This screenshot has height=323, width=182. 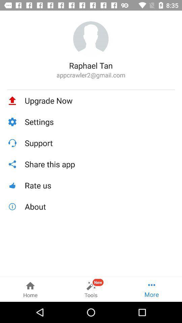 What do you see at coordinates (99, 185) in the screenshot?
I see `rate us icon` at bounding box center [99, 185].